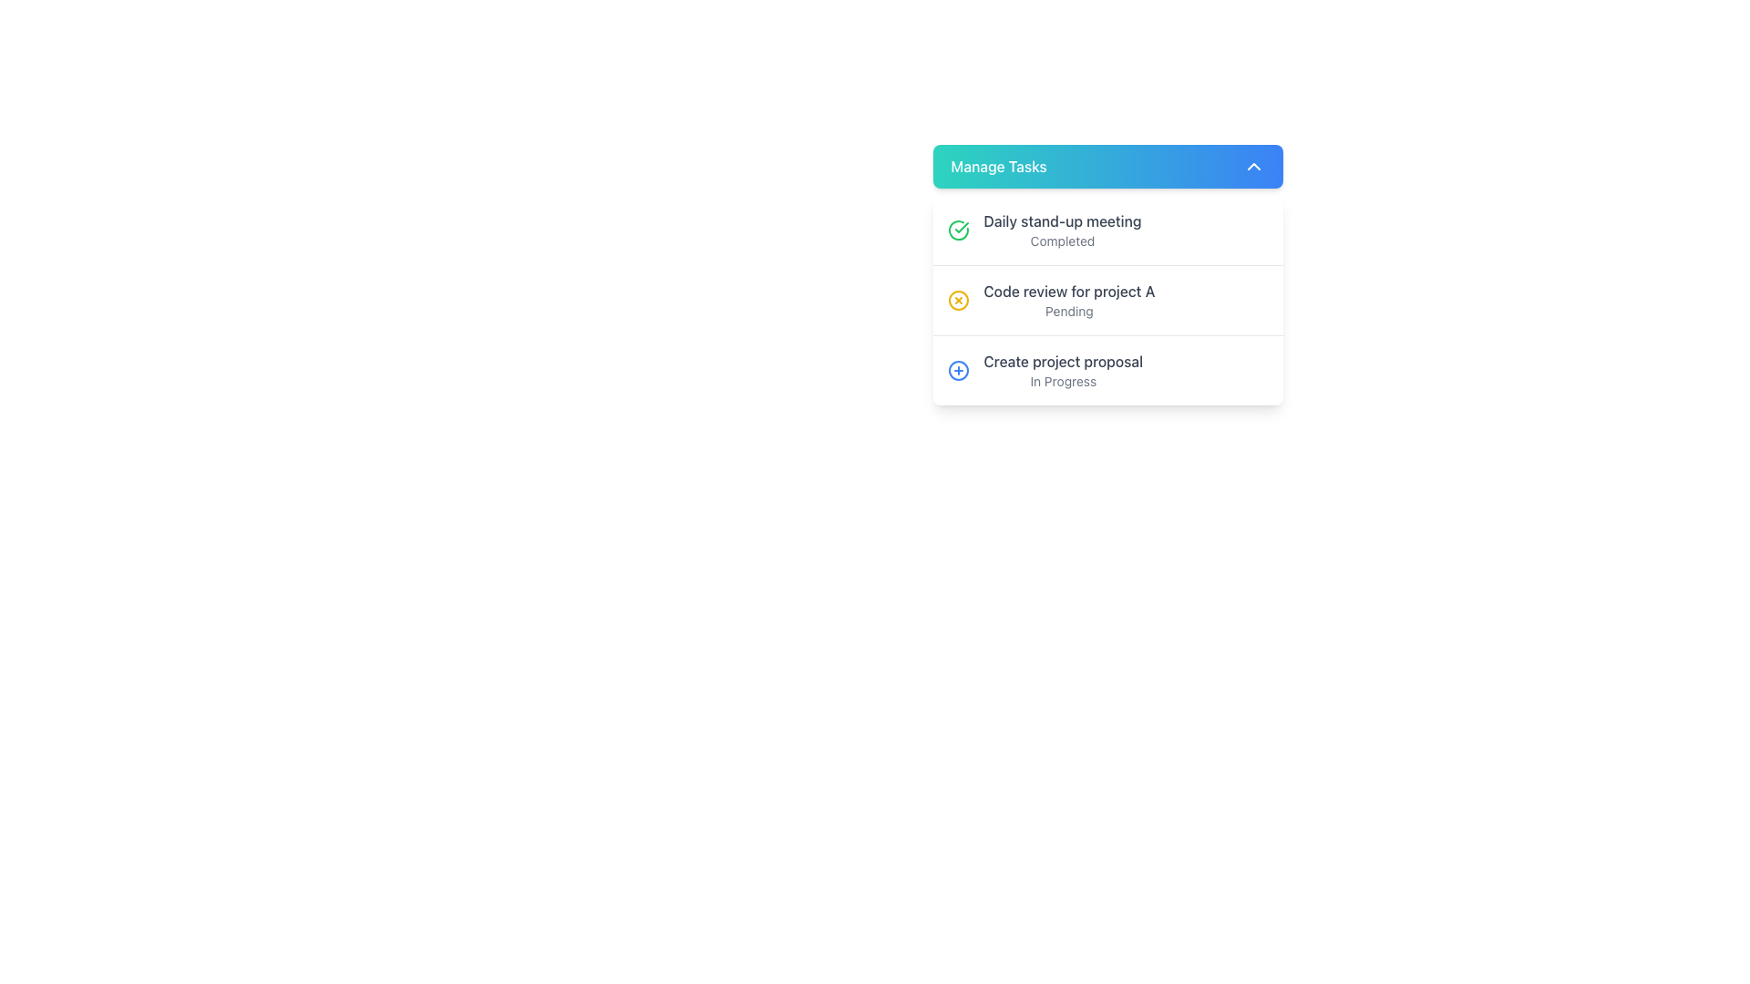 Image resolution: width=1750 pixels, height=984 pixels. What do you see at coordinates (1069, 291) in the screenshot?
I see `the text label 'Code review for project A' located in the second row of the task list within the task management panel` at bounding box center [1069, 291].